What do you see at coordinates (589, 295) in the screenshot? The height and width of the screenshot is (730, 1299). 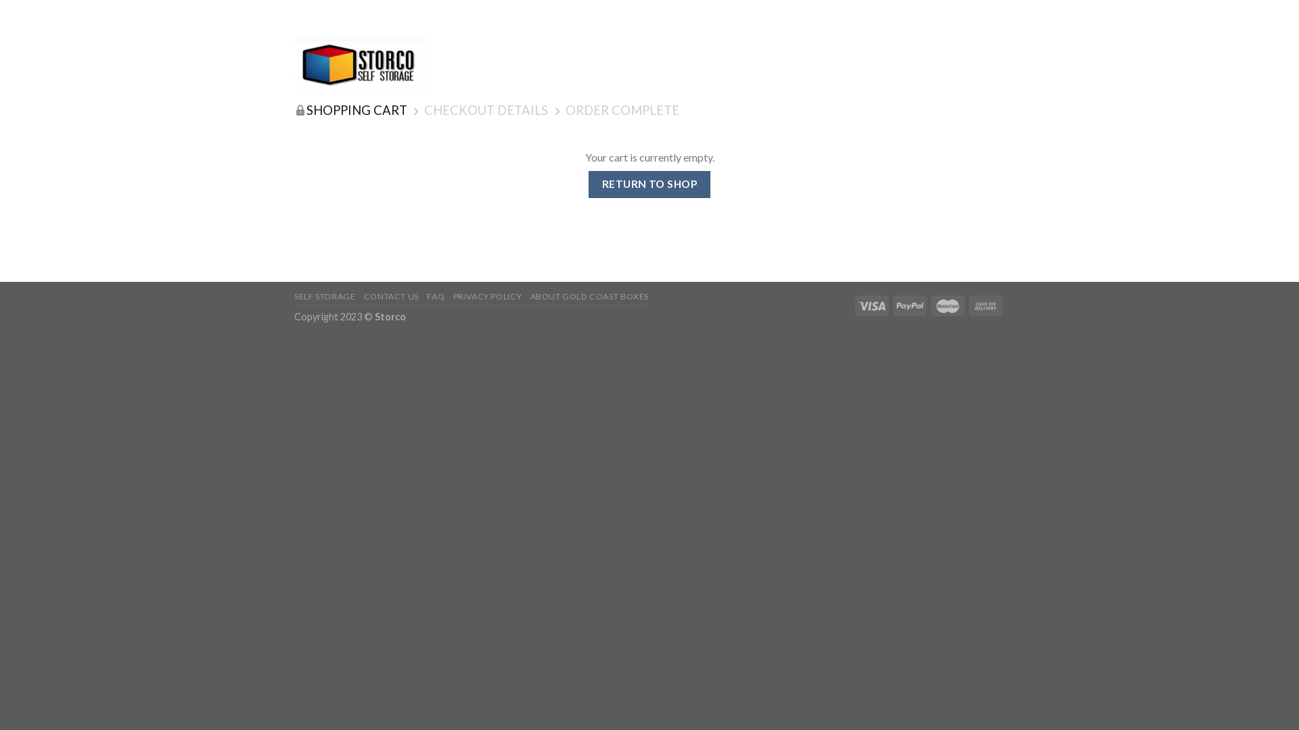 I see `'ABOUT GOLD COAST BOXES'` at bounding box center [589, 295].